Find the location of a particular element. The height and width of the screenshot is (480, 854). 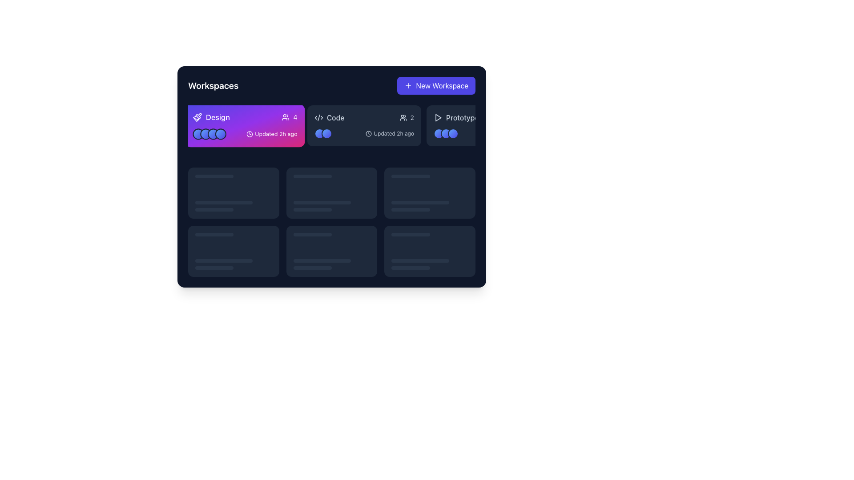

grouped visual indicator composed of three overlapping circular icons located to the left of the 'Updated 2h ago' timestamp in the Prototype workspace card is located at coordinates (446, 133).